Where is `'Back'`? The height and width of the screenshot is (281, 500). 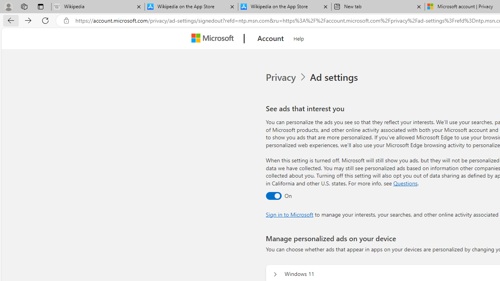 'Back' is located at coordinates (9, 20).